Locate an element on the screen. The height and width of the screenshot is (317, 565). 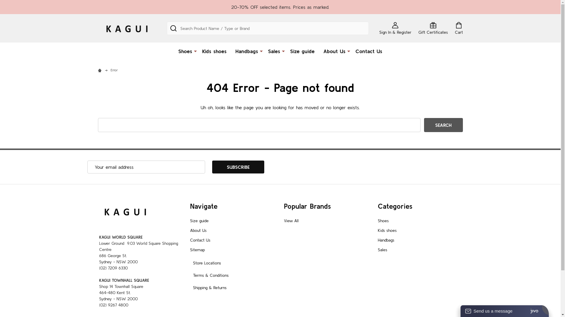
'Terms & Conditions' is located at coordinates (211, 275).